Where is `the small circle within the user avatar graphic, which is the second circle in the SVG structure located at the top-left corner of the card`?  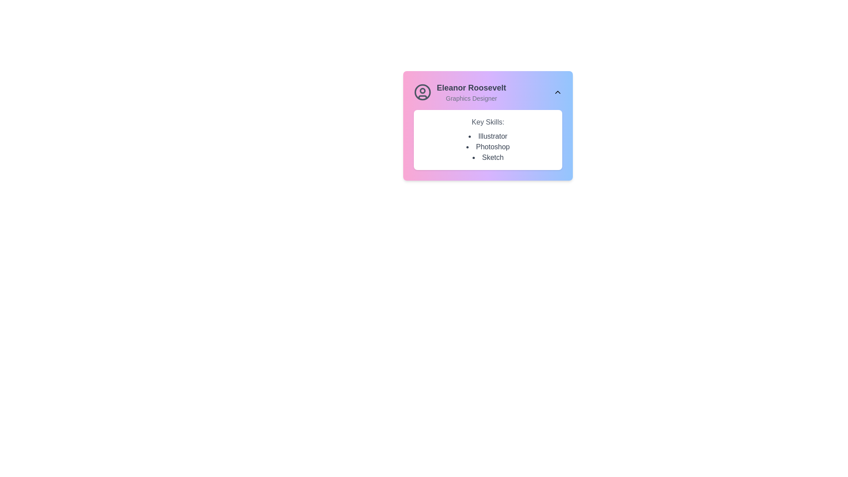 the small circle within the user avatar graphic, which is the second circle in the SVG structure located at the top-left corner of the card is located at coordinates (422, 90).